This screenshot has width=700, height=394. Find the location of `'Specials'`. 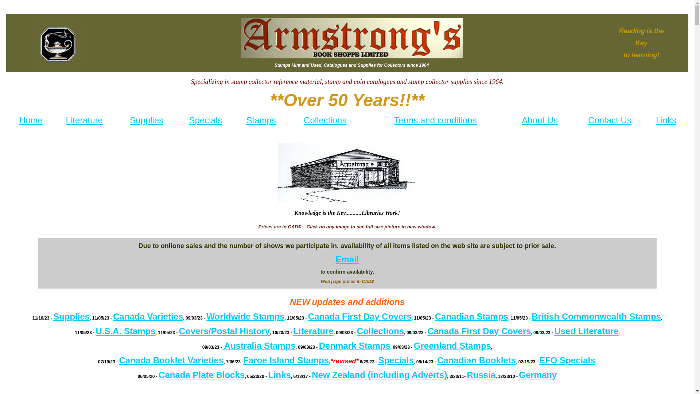

'Specials' is located at coordinates (396, 360).